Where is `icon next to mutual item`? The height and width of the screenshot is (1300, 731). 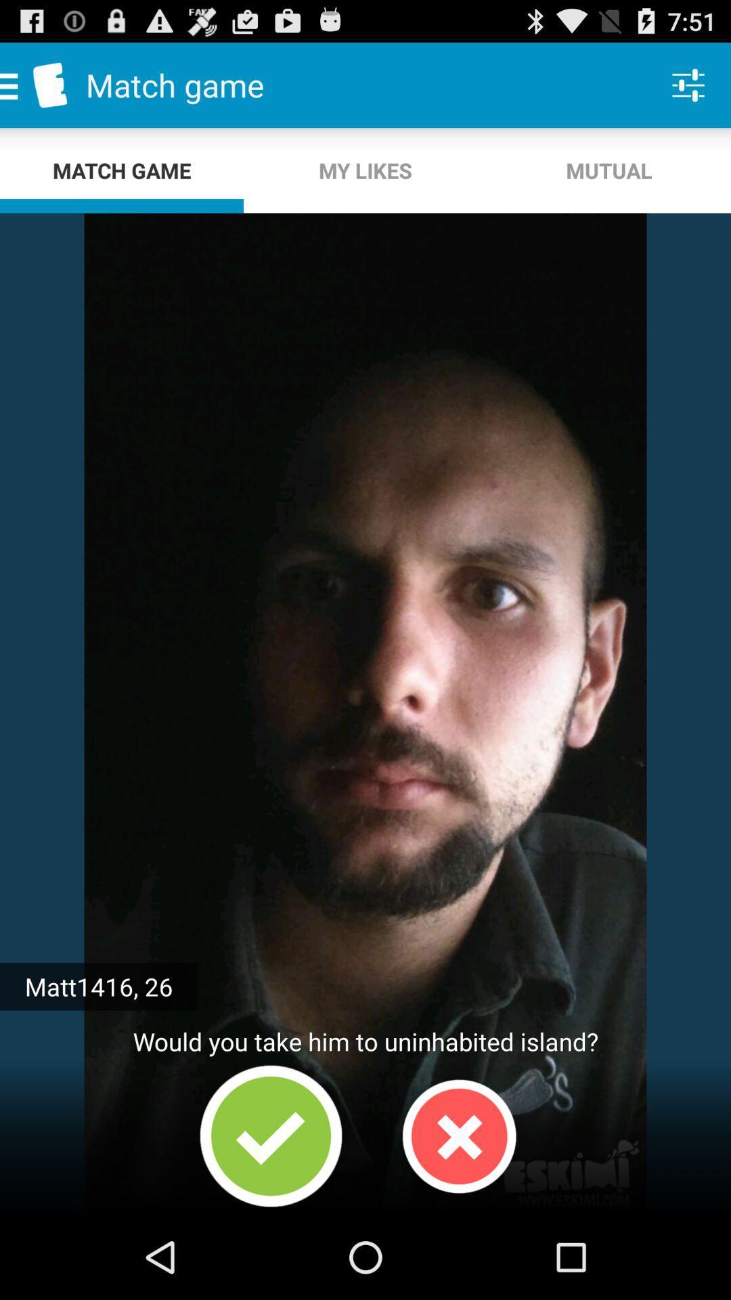 icon next to mutual item is located at coordinates (365, 170).